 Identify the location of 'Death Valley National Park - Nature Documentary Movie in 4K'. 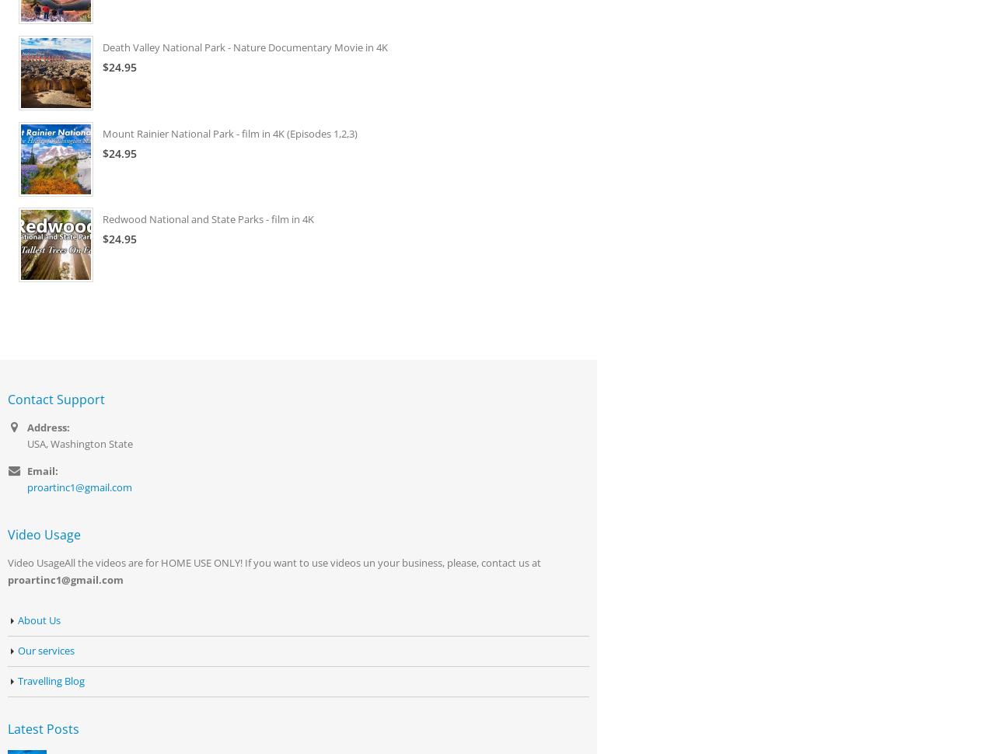
(244, 46).